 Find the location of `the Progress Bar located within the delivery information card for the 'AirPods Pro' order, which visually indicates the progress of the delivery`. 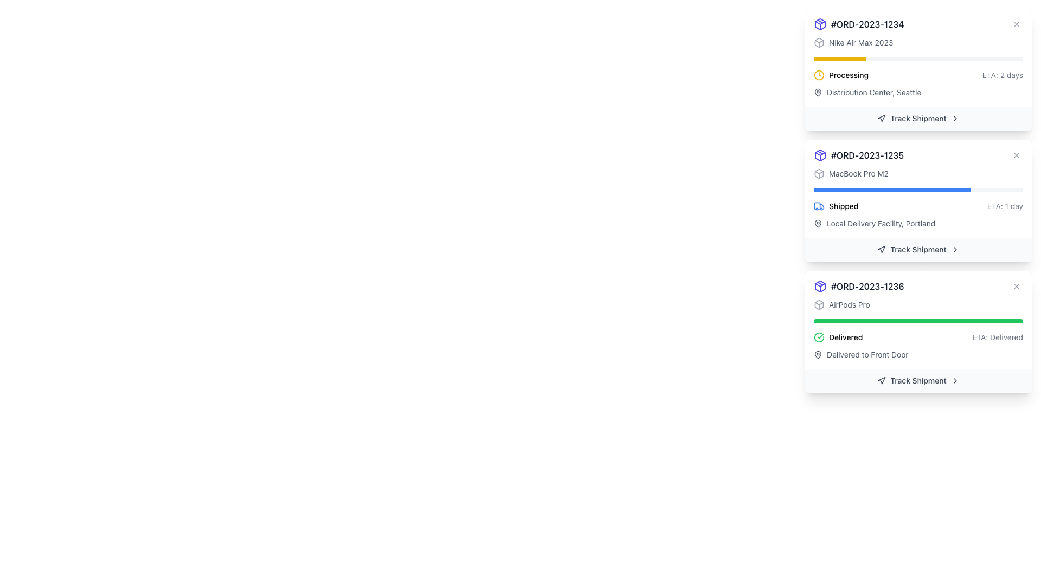

the Progress Bar located within the delivery information card for the 'AirPods Pro' order, which visually indicates the progress of the delivery is located at coordinates (918, 321).